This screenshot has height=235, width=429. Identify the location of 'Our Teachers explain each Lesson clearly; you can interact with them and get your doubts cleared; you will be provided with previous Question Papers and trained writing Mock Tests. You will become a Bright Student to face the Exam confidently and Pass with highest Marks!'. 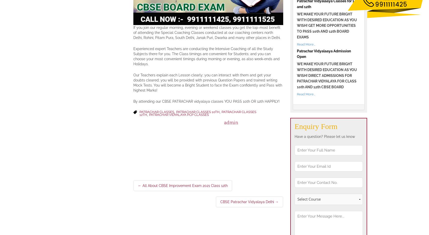
(207, 82).